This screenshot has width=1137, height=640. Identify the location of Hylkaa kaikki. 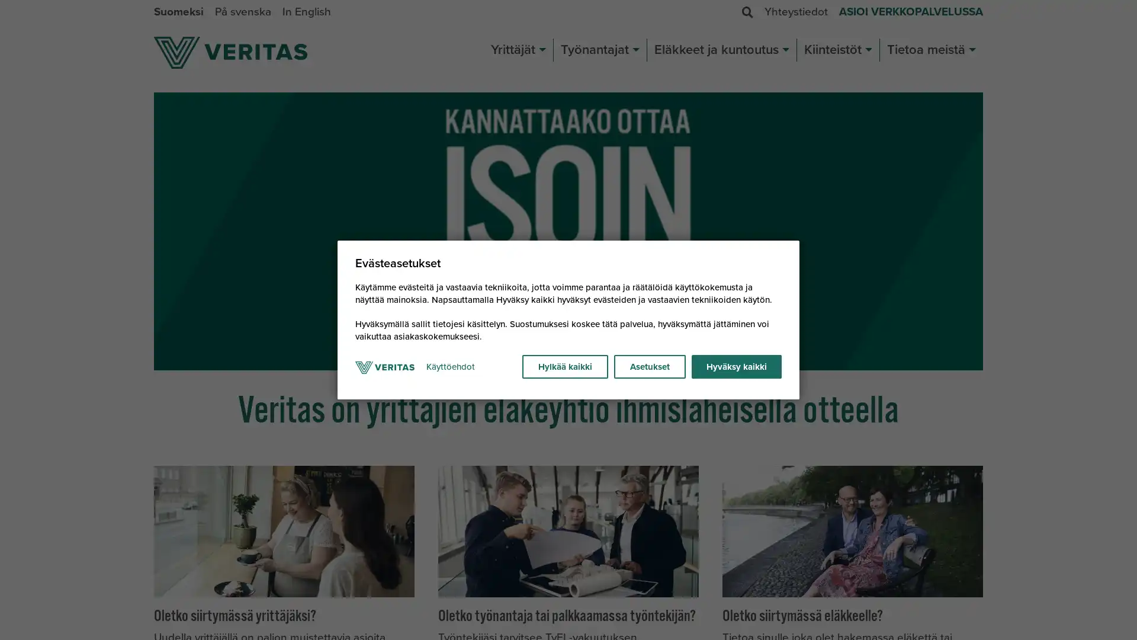
(564, 366).